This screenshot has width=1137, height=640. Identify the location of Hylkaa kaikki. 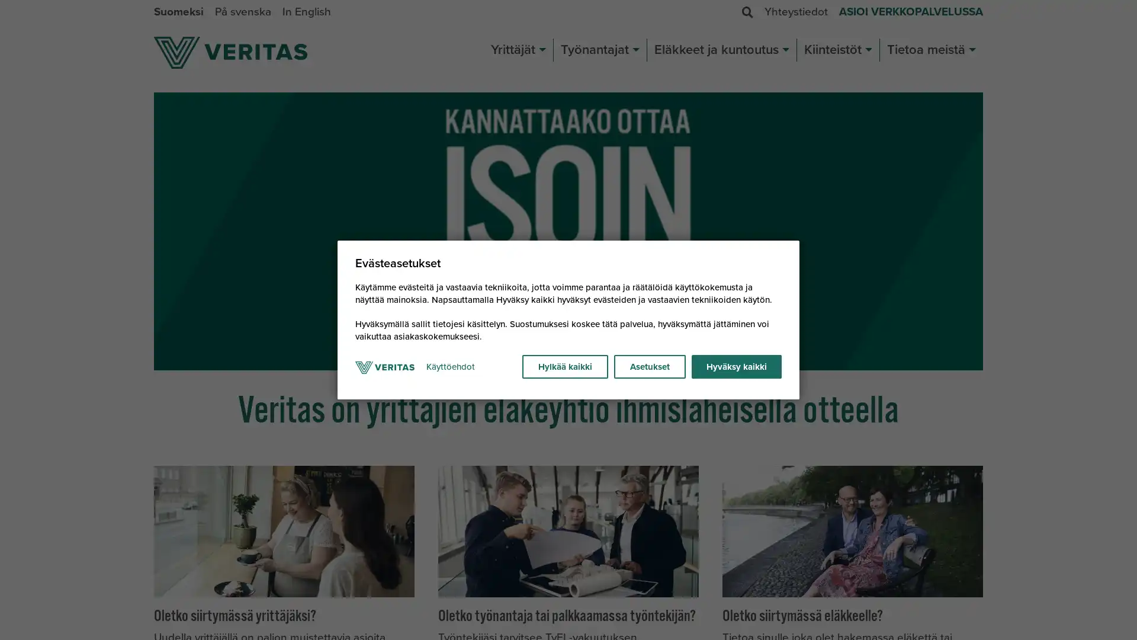
(564, 366).